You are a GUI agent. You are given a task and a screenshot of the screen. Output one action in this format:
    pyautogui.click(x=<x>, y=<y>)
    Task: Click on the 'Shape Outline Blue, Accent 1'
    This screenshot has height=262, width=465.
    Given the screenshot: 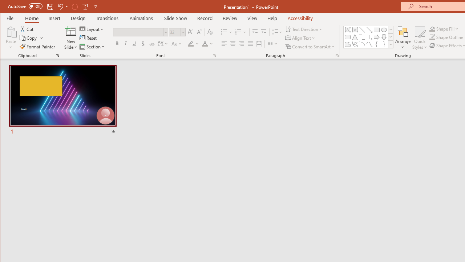 What is the action you would take?
    pyautogui.click(x=432, y=37)
    